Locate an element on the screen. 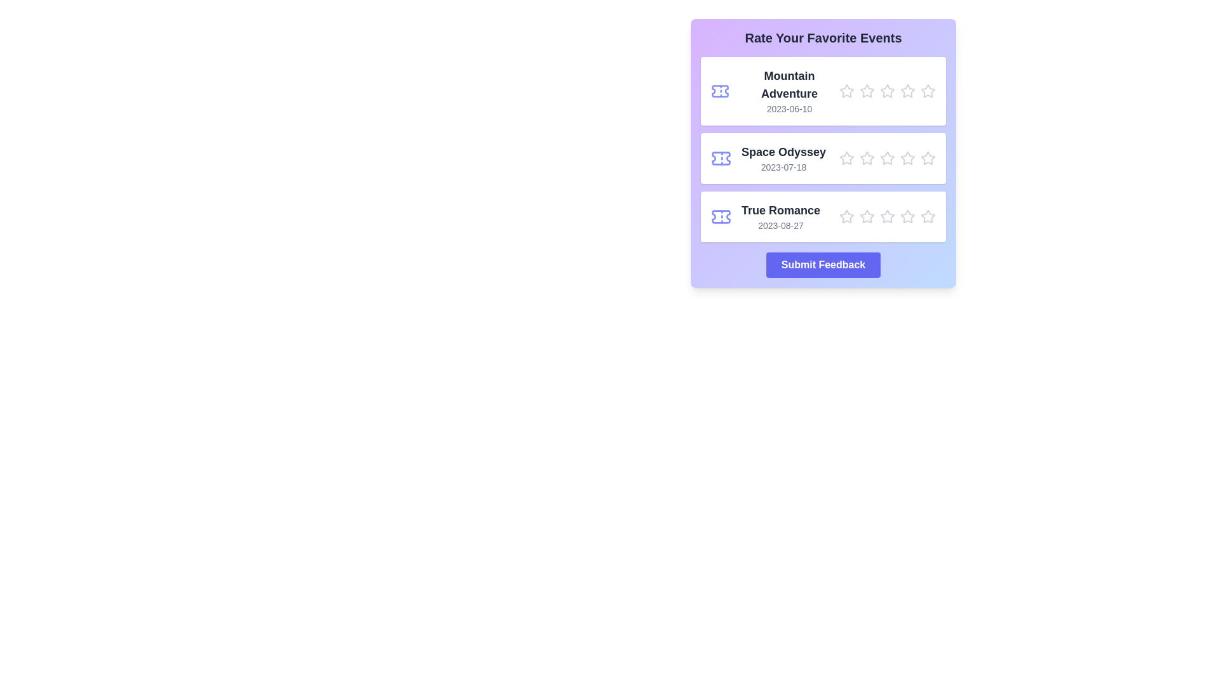 This screenshot has height=685, width=1219. the star corresponding to the rating 1 for the movie Space Odyssey is located at coordinates (847, 158).